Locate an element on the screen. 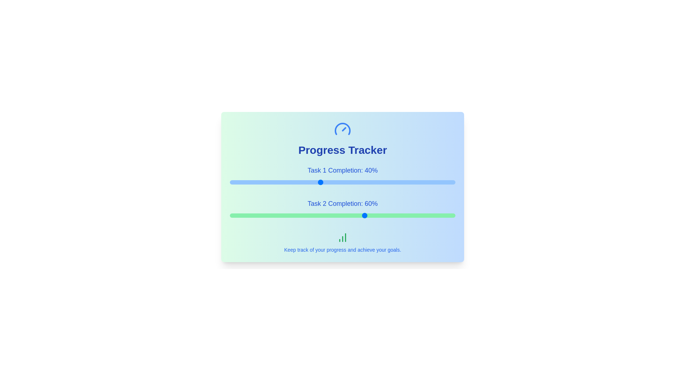 Image resolution: width=694 pixels, height=390 pixels. the graphical icon that represents progress tracking, located beneath the progress bars and above the text 'Keep track of your progress and achieve your goals.' is located at coordinates (342, 238).